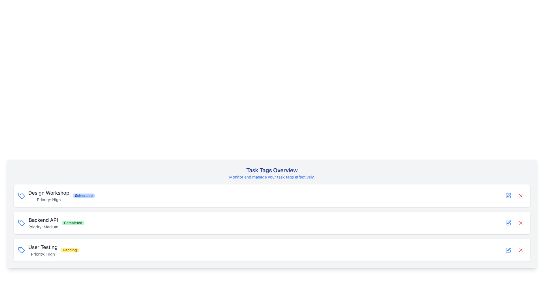 The width and height of the screenshot is (544, 306). Describe the element at coordinates (272, 222) in the screenshot. I see `the Task list item with the title 'Backend API', which is the second item in a vertical list, located below 'Design Workshop' and above 'User Testing'` at that location.